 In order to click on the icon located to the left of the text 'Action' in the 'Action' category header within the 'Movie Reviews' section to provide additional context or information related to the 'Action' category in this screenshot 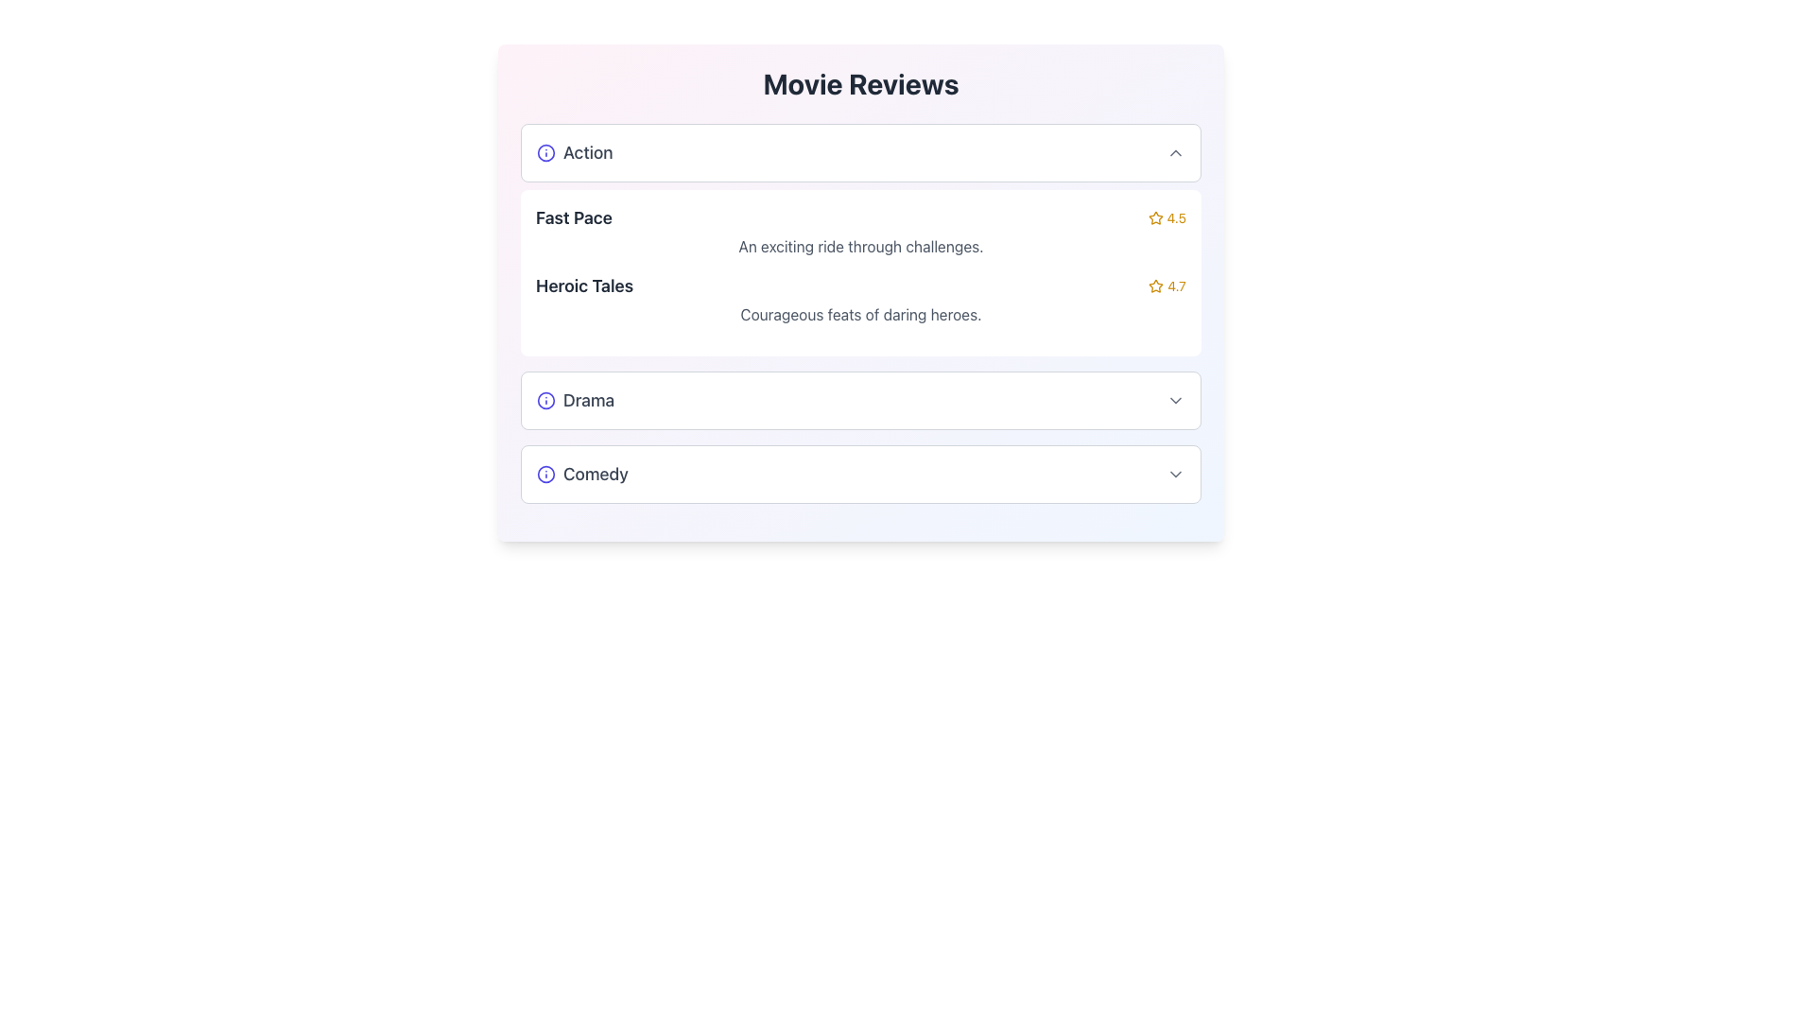, I will do `click(544, 152)`.